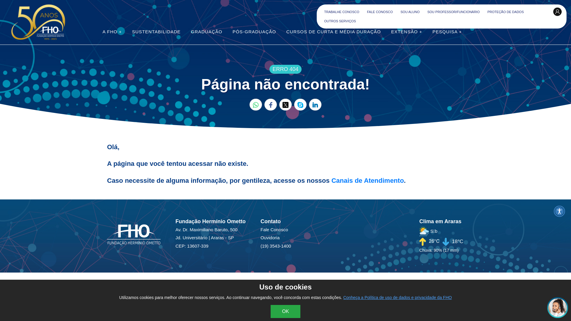  Describe the element at coordinates (260, 237) in the screenshot. I see `'Ouvidoria'` at that location.